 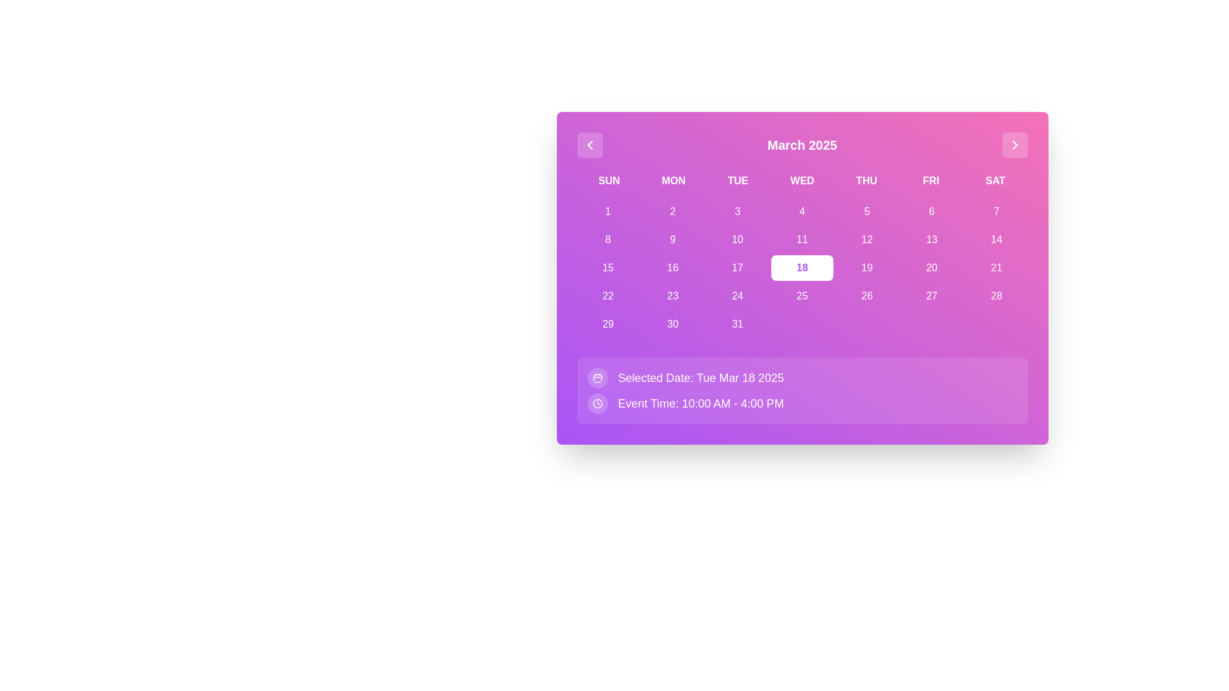 What do you see at coordinates (995, 180) in the screenshot?
I see `the Text Label for Saturday, which is the seventh column in the grid layout of weekdays in the calendar interface` at bounding box center [995, 180].